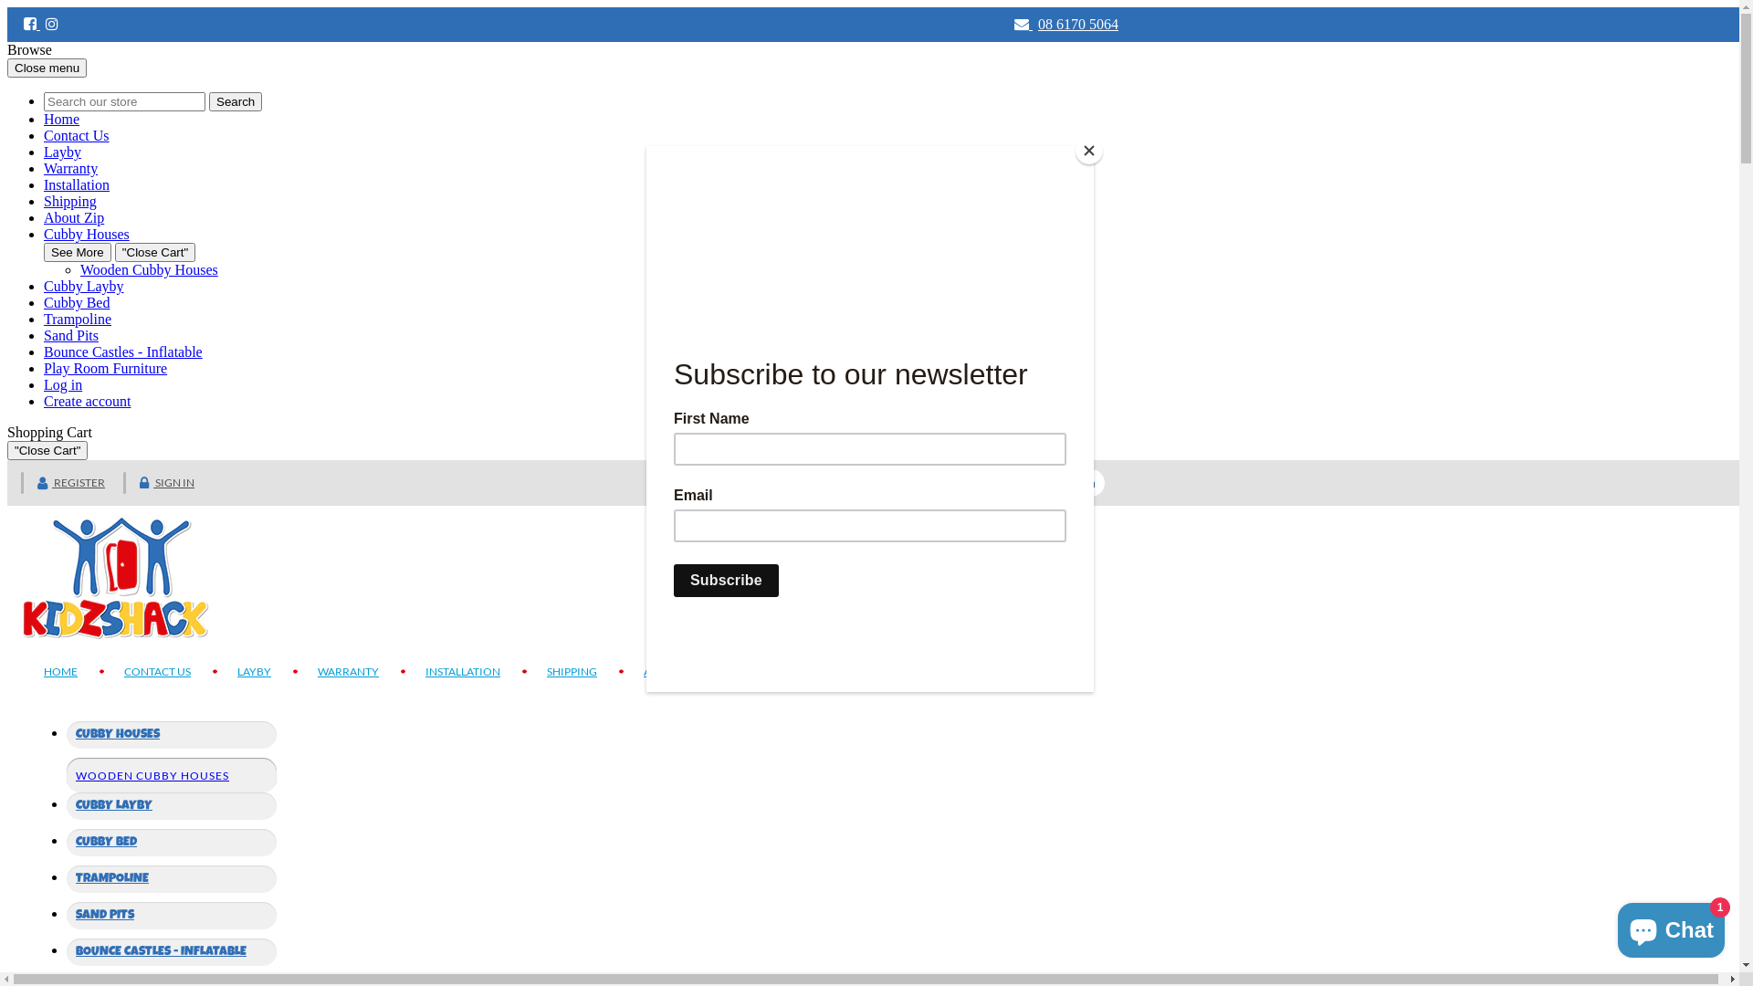 The width and height of the screenshot is (1753, 986). Describe the element at coordinates (104, 368) in the screenshot. I see `'Play Room Furniture'` at that location.